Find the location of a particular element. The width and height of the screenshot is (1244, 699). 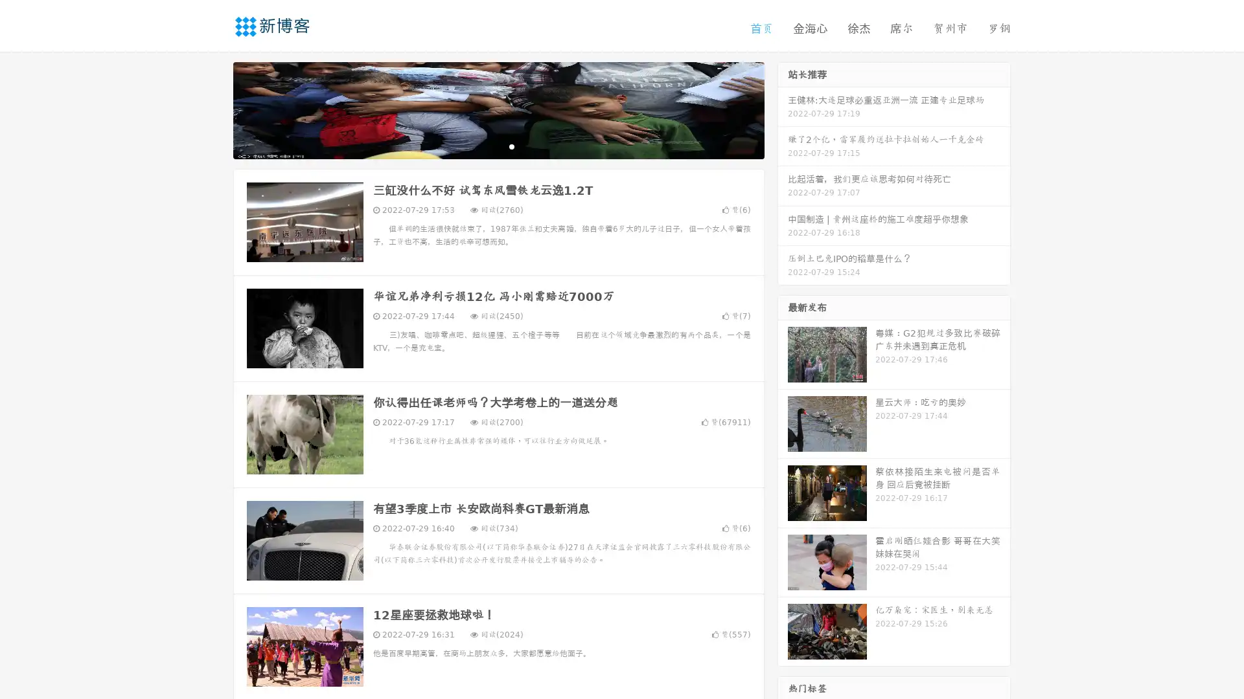

Previous slide is located at coordinates (214, 109).